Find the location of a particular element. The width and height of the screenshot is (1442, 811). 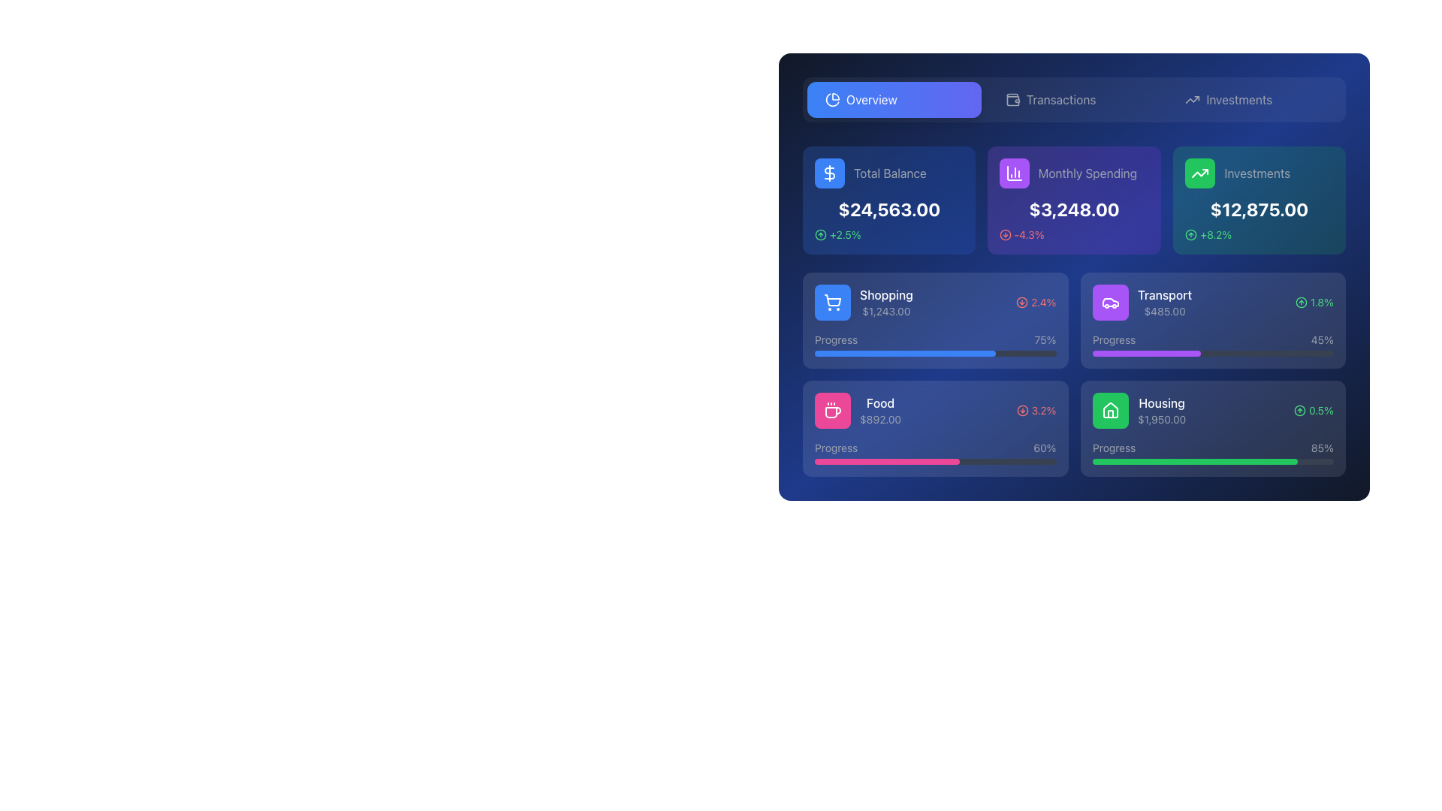

the text box displaying '3.2%' in red color, located in the bottom row of the dashboard within the 'Food' category section is located at coordinates (1043, 411).